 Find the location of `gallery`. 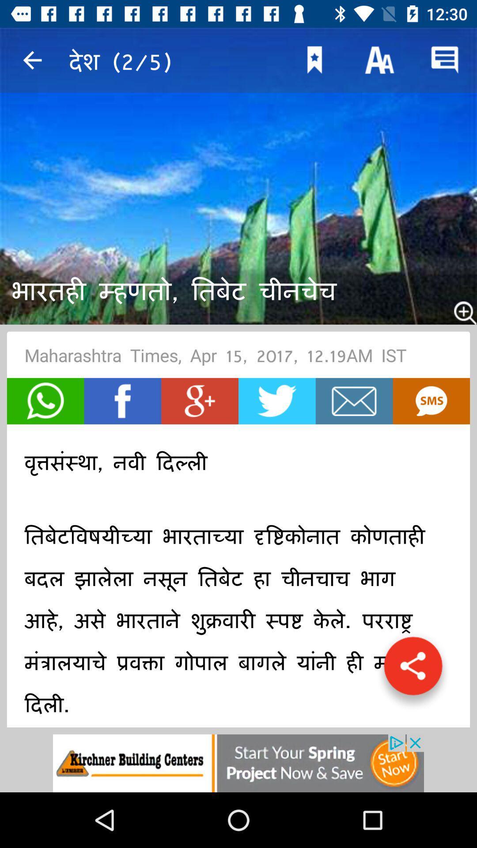

gallery is located at coordinates (413, 670).